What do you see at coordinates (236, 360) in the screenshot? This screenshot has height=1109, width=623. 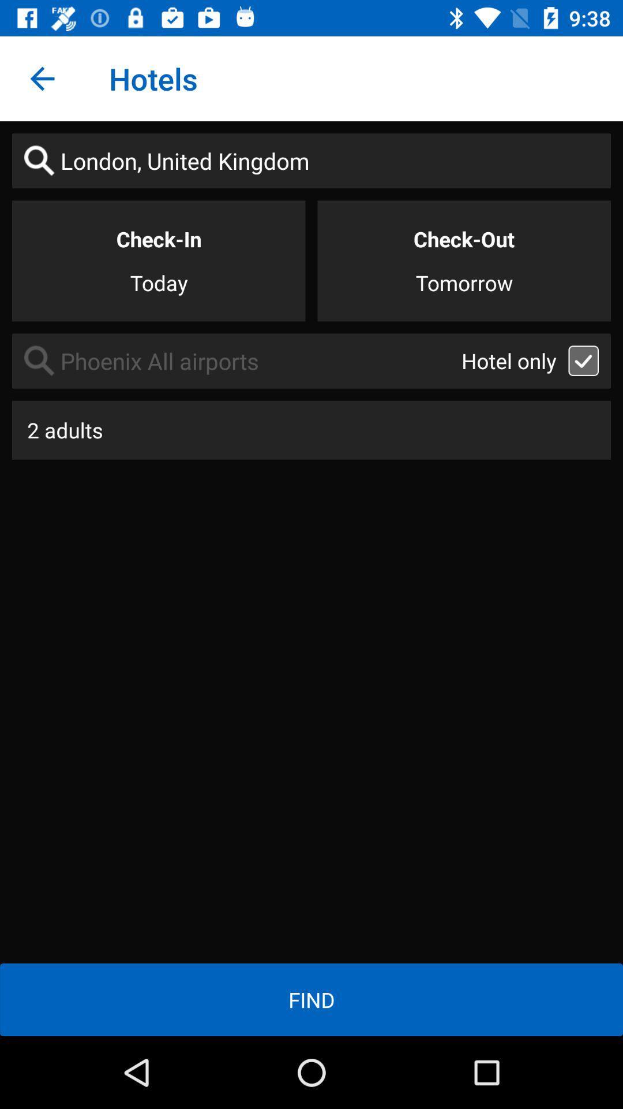 I see `item above the 2 adults` at bounding box center [236, 360].